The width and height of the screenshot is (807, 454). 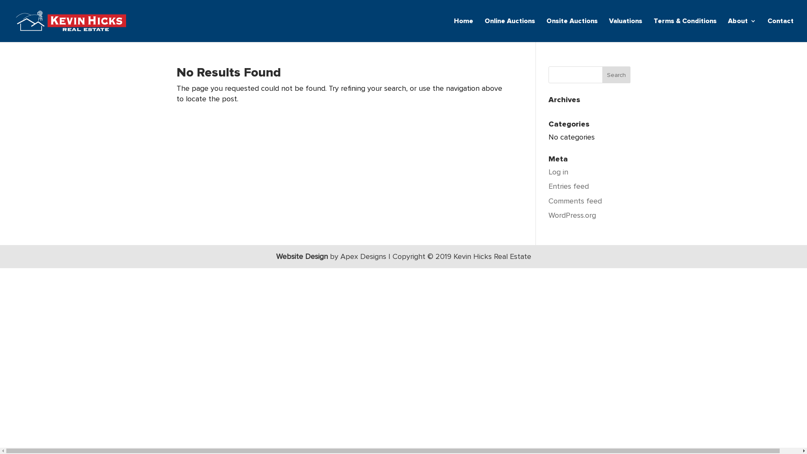 I want to click on 'Valuations', so click(x=625, y=29).